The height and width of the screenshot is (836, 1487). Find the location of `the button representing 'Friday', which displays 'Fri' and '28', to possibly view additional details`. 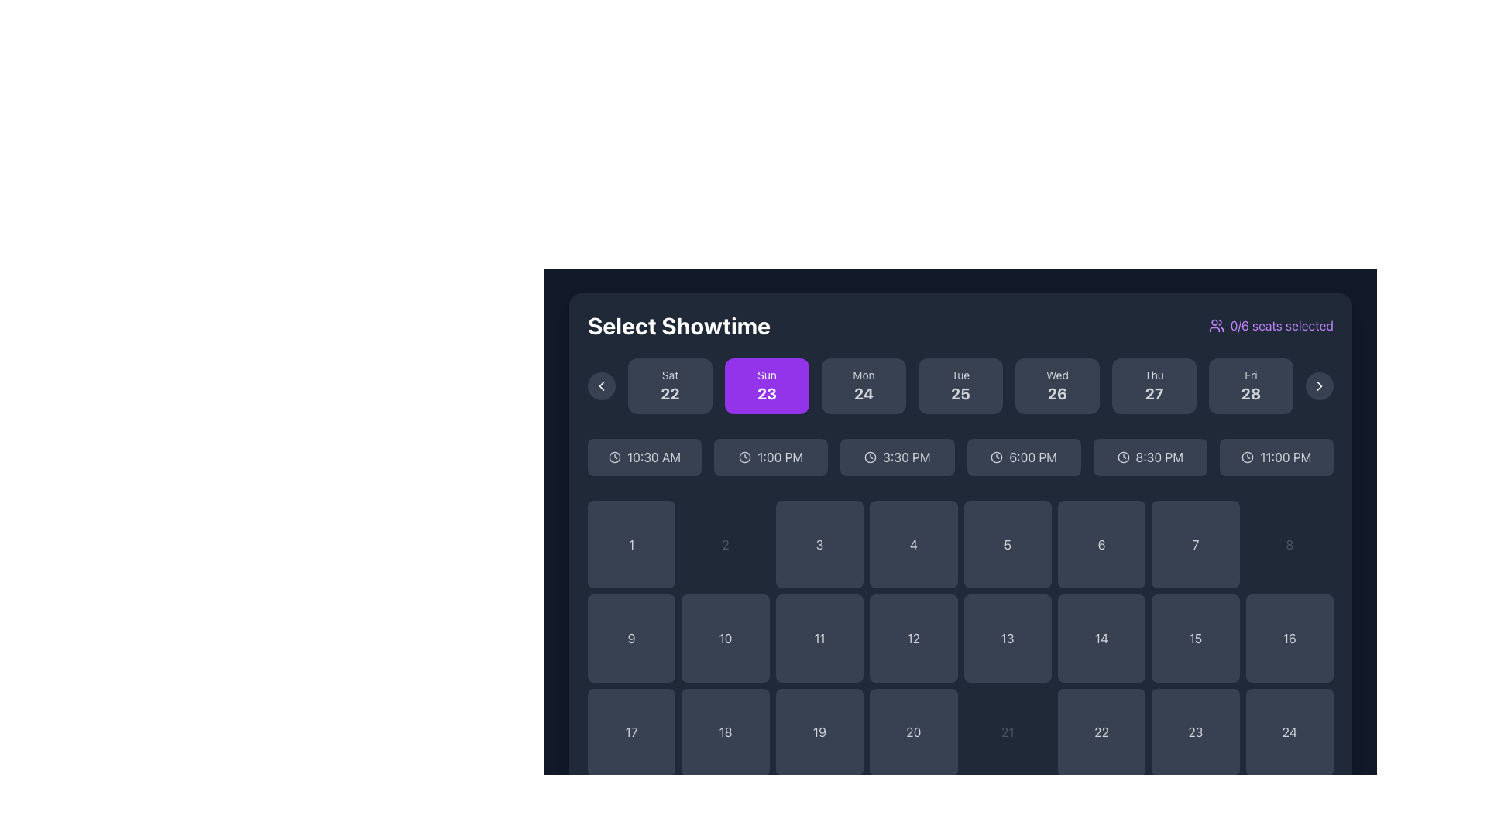

the button representing 'Friday', which displays 'Fri' and '28', to possibly view additional details is located at coordinates (1251, 385).